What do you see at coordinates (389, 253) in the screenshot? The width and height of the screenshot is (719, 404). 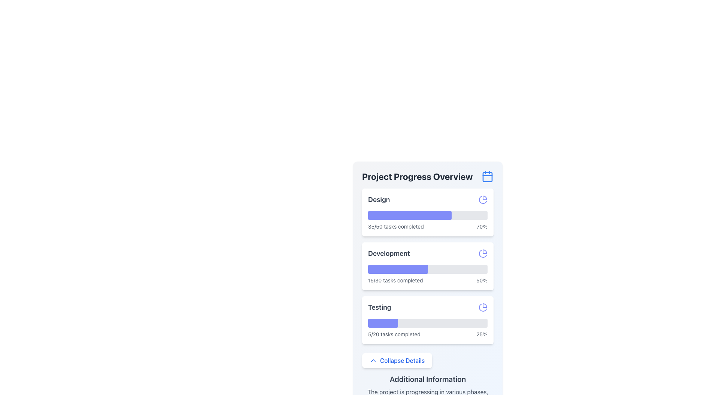 I see `the text label located in the upper-middle section of the page, under the 'Design' label, which serves as a heading for the associated section` at bounding box center [389, 253].